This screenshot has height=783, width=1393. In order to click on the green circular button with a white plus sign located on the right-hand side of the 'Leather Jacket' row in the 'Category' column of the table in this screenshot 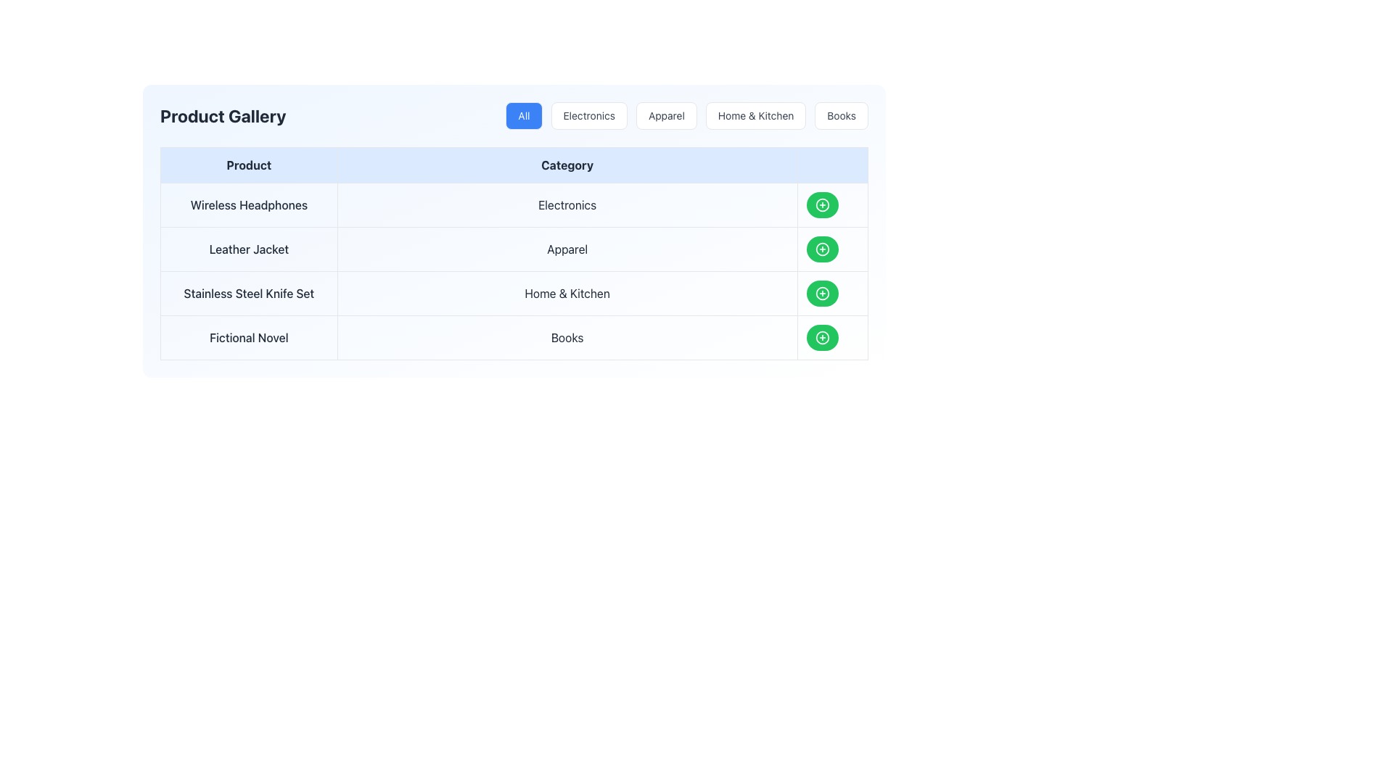, I will do `click(832, 248)`.